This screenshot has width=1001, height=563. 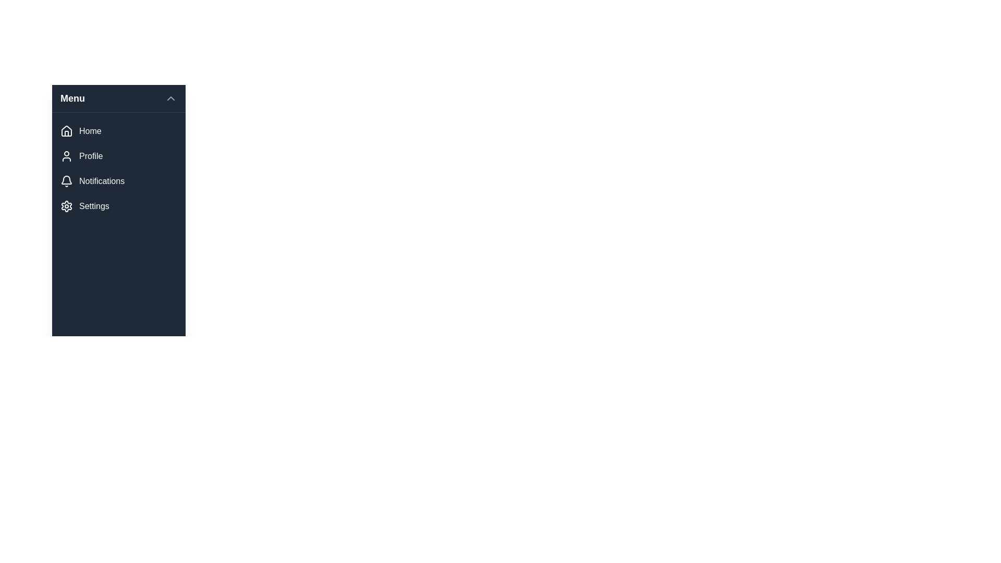 I want to click on the upward-facing chevron icon located at the top-right corner of the header area of the menu component, so click(x=170, y=99).